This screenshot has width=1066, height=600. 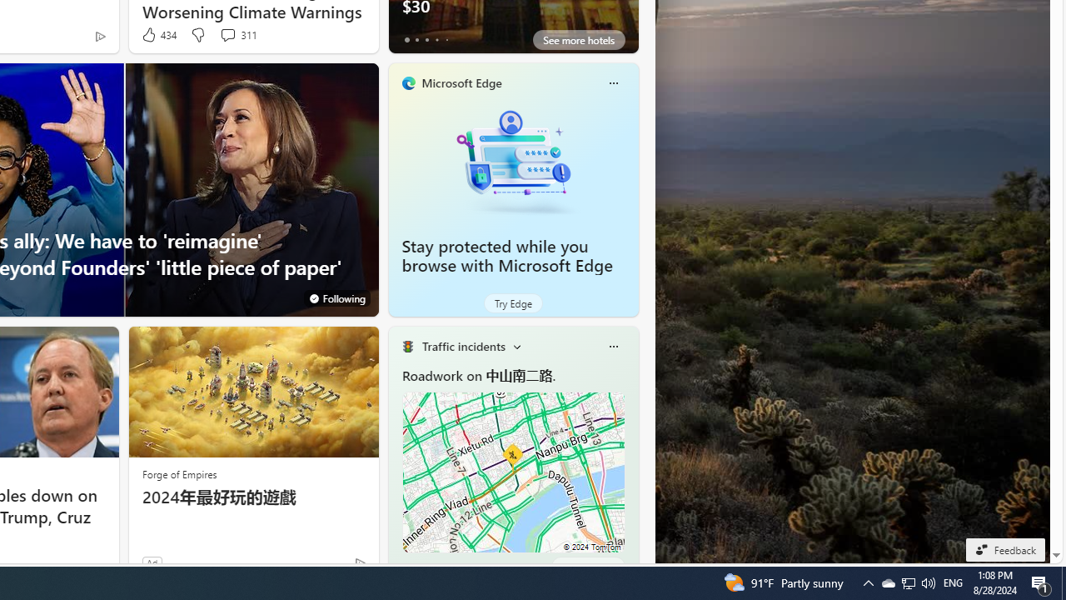 I want to click on 'Change scenarios', so click(x=516, y=345).